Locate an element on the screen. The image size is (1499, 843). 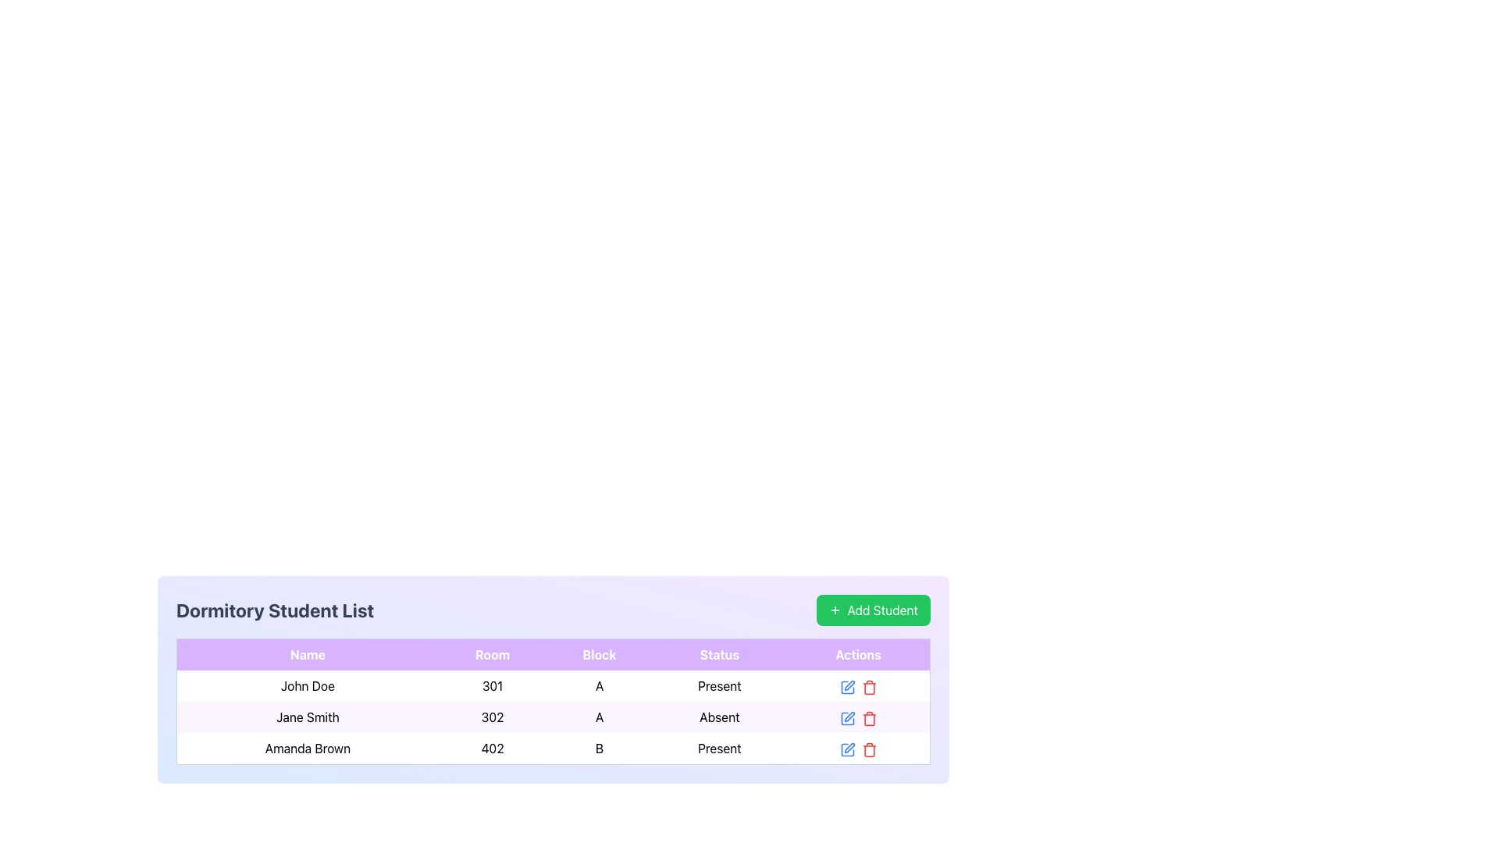
displayed text in the Text Label that shows a student's name, located in the first row of the dormitory residents table under the 'Name' column is located at coordinates (308, 685).